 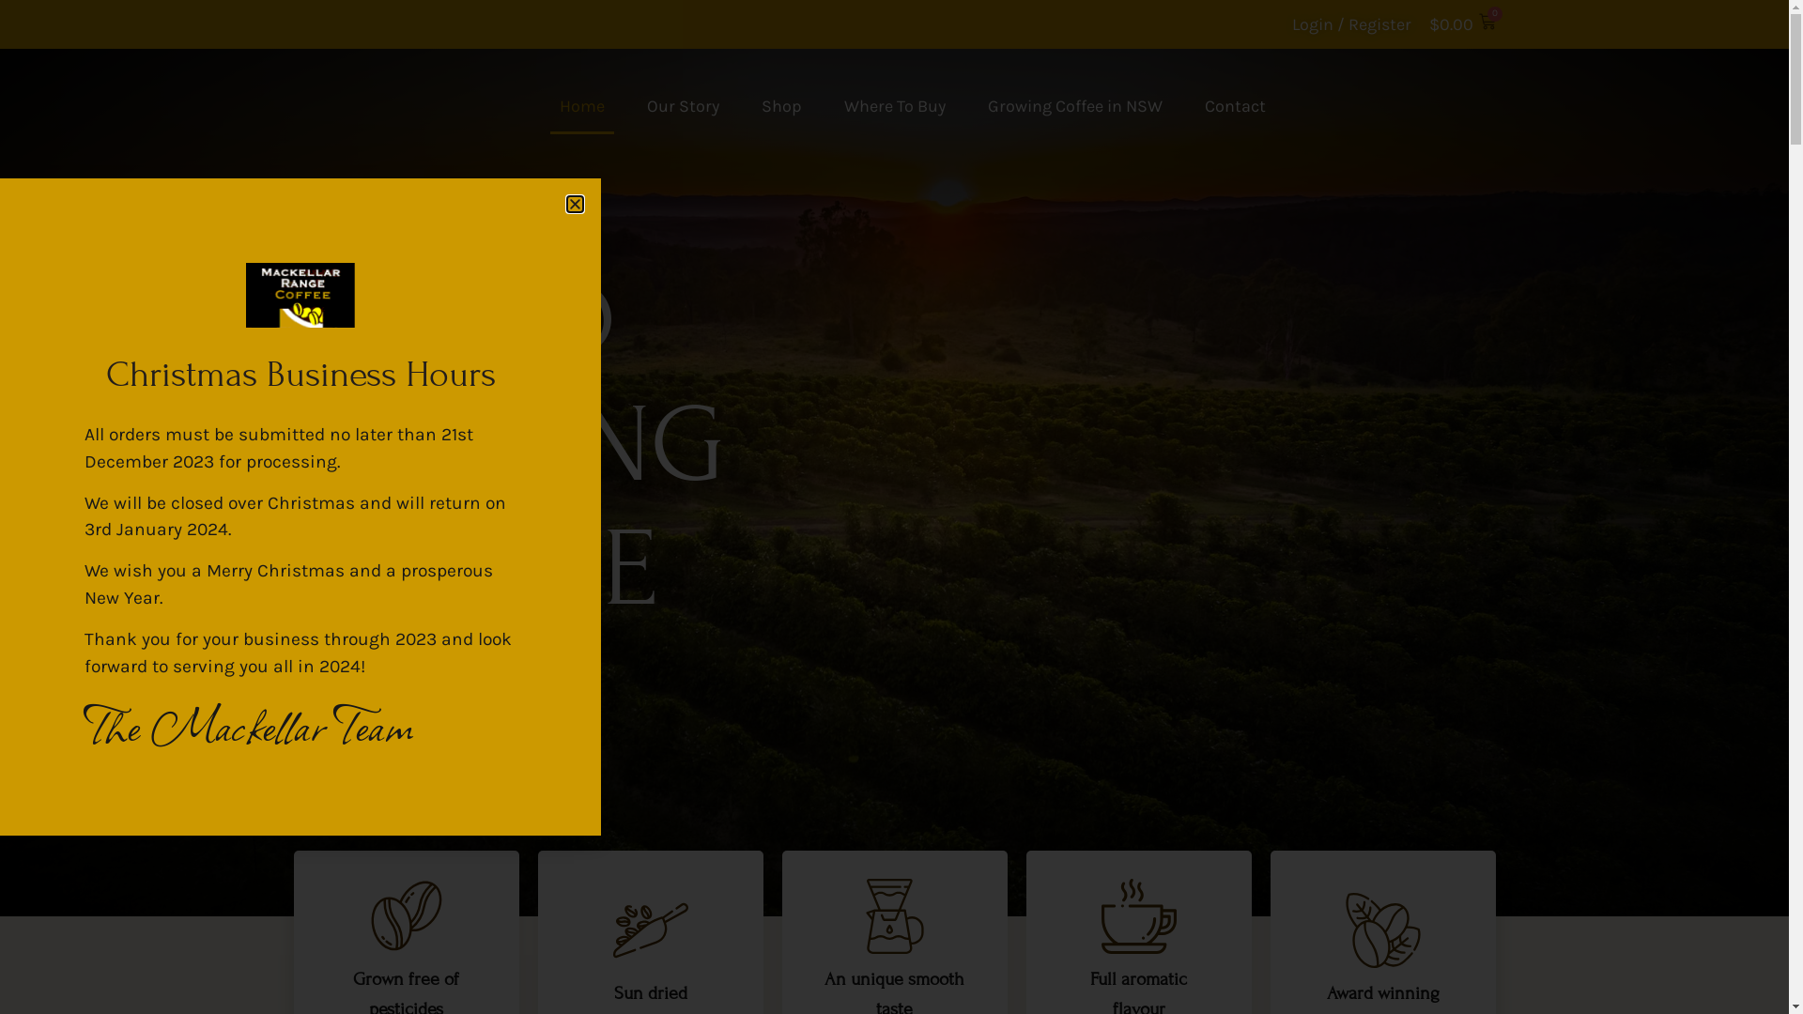 What do you see at coordinates (780, 105) in the screenshot?
I see `'Shop'` at bounding box center [780, 105].